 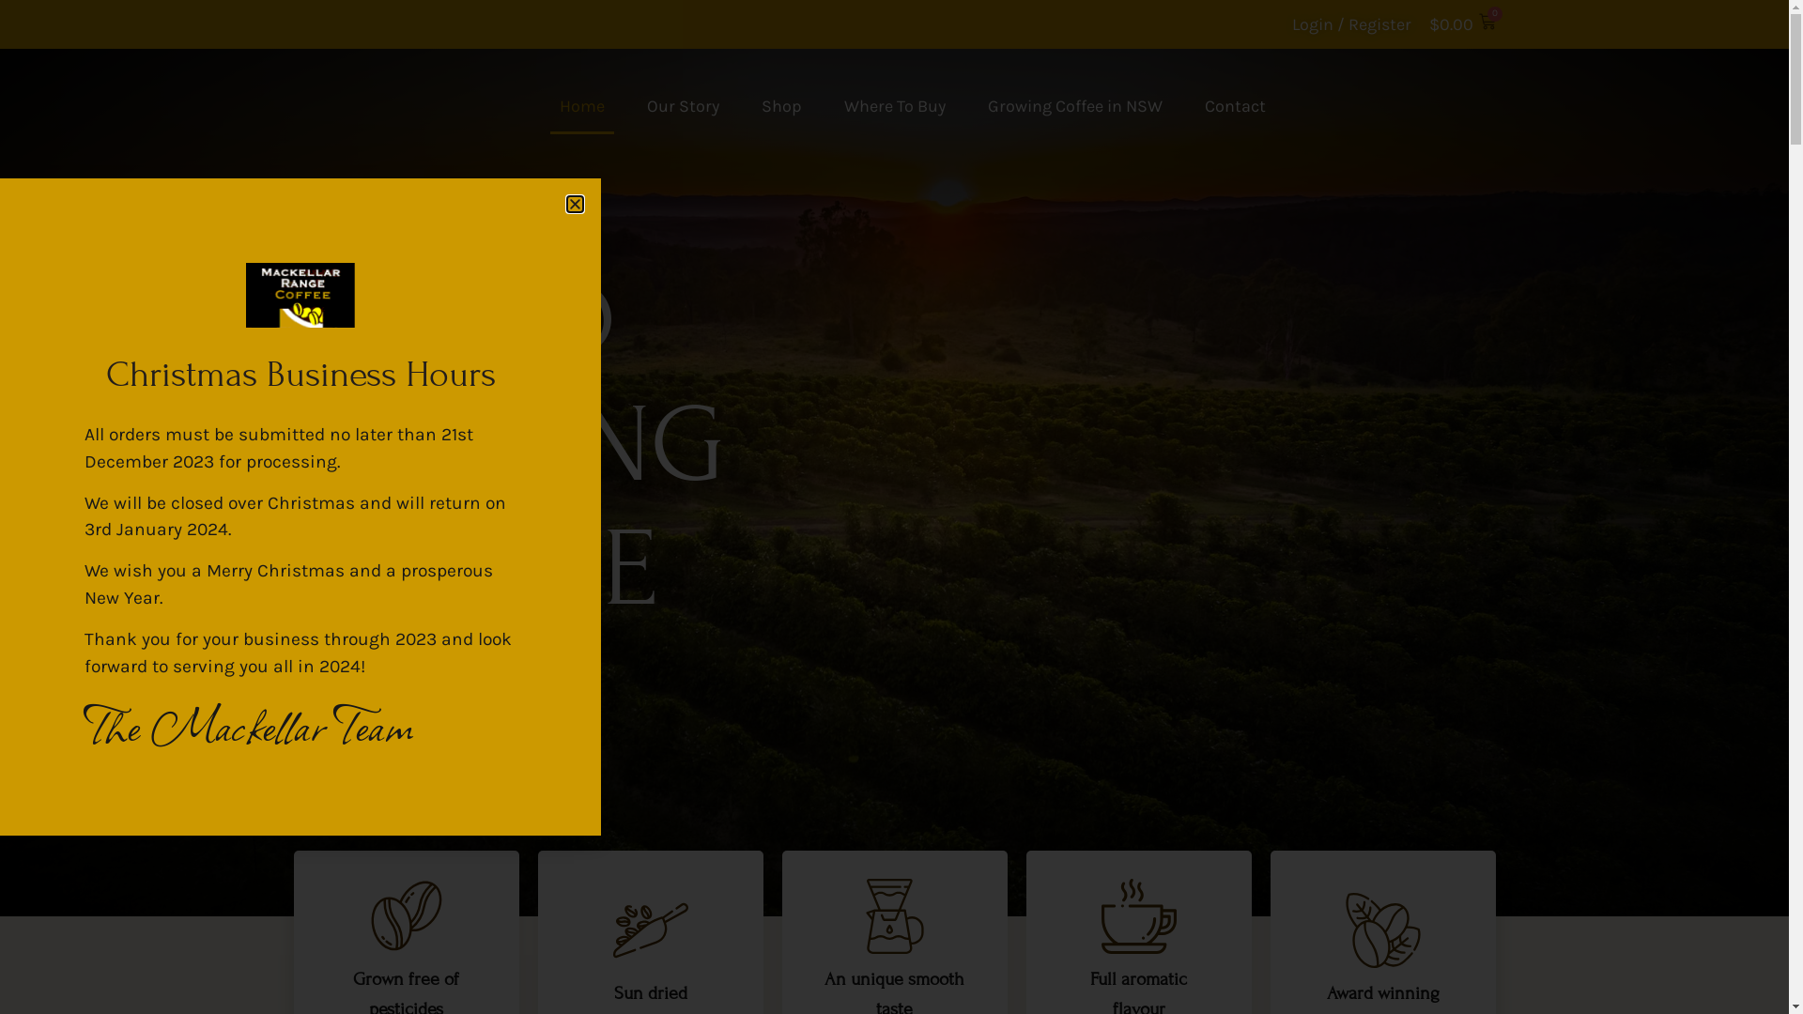 What do you see at coordinates (780, 105) in the screenshot?
I see `'Shop'` at bounding box center [780, 105].